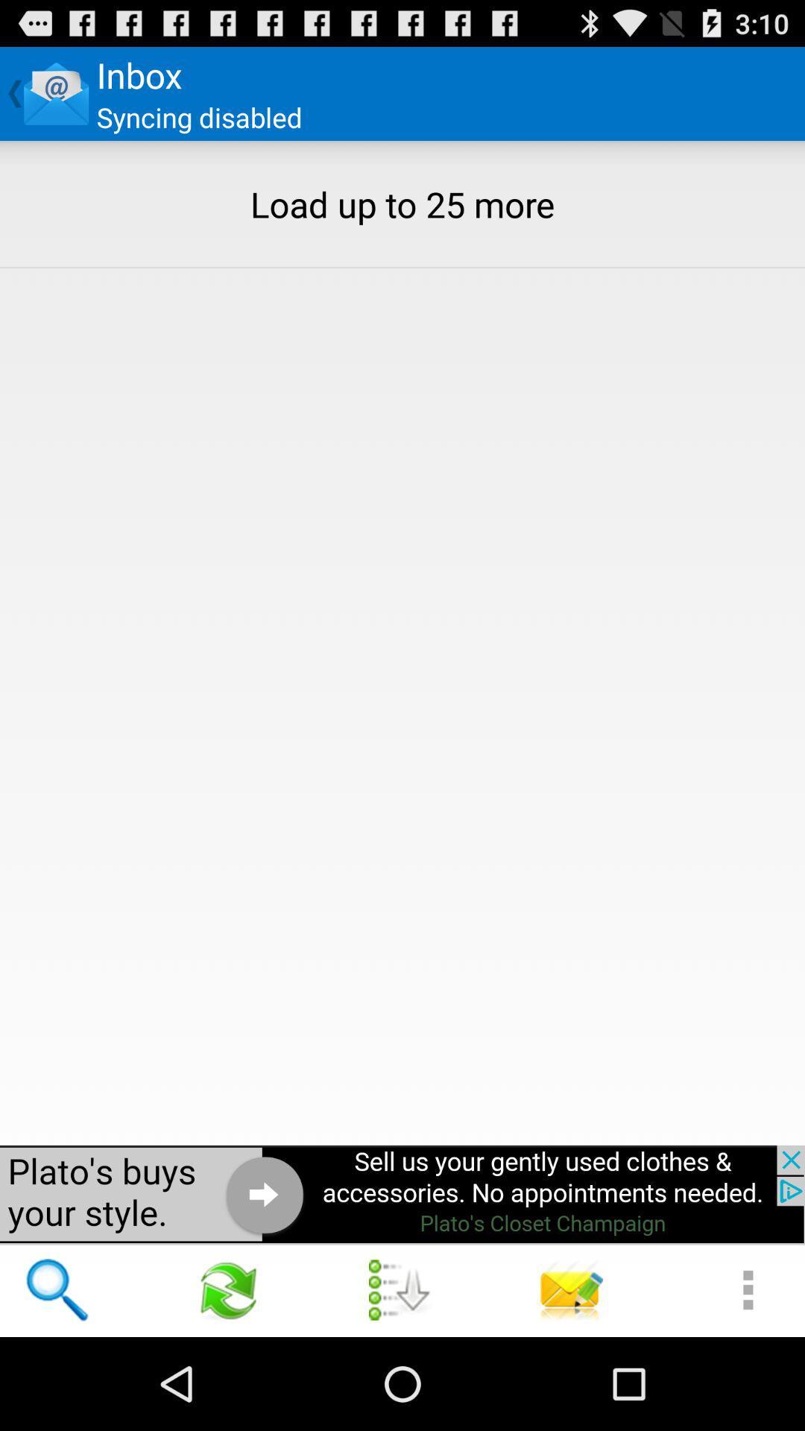 The width and height of the screenshot is (805, 1431). What do you see at coordinates (402, 1194) in the screenshot?
I see `click on advertisements` at bounding box center [402, 1194].